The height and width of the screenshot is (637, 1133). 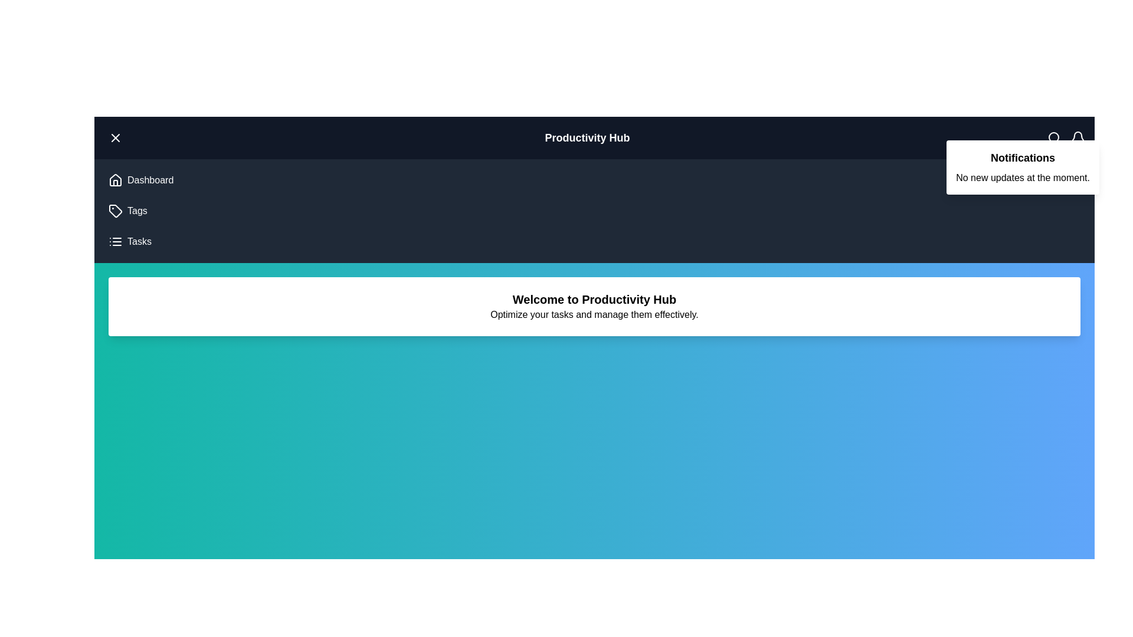 I want to click on the close button of the notifications panel to dismiss it, so click(x=108, y=131).